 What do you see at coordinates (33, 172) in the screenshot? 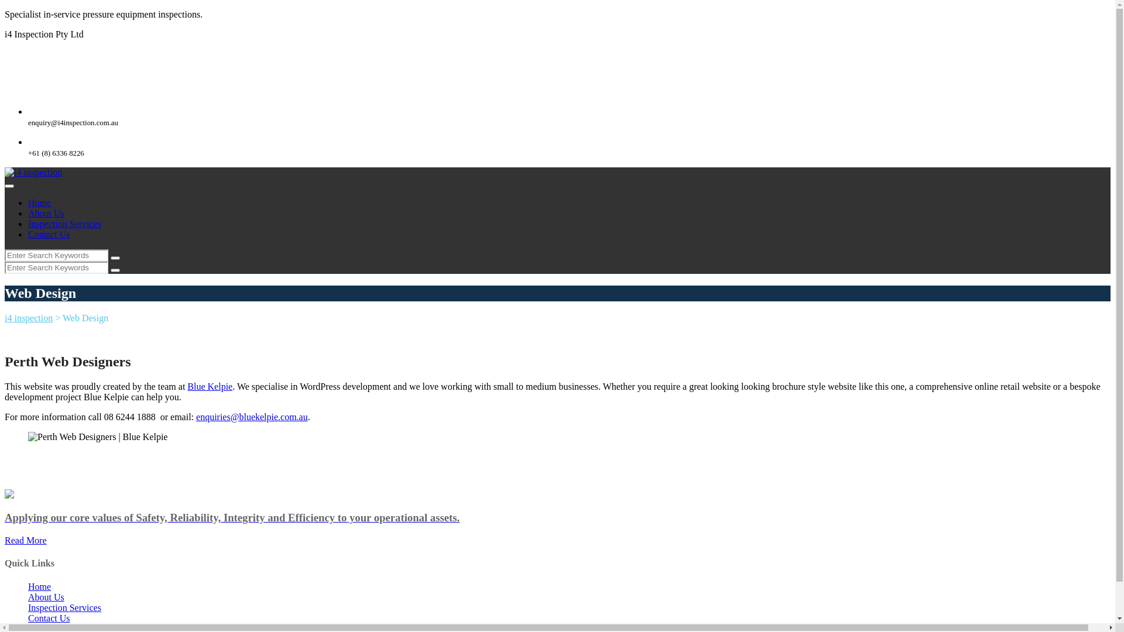
I see `'i4 inspection'` at bounding box center [33, 172].